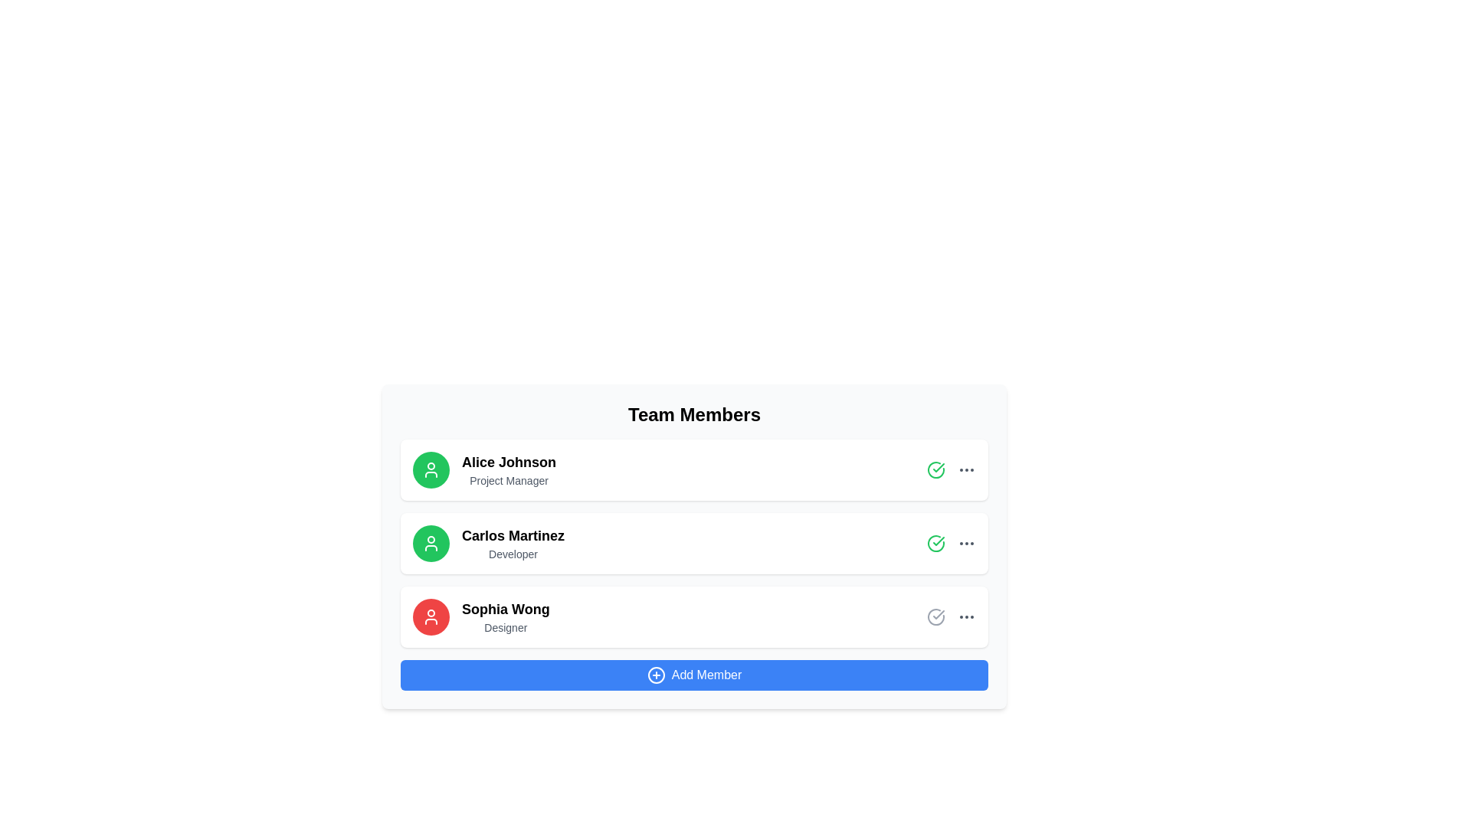 The width and height of the screenshot is (1471, 827). What do you see at coordinates (513, 542) in the screenshot?
I see `text displayed for the member 'Carlos Martinez', who is identified as a developer, located in the second row of the vertical list of members` at bounding box center [513, 542].